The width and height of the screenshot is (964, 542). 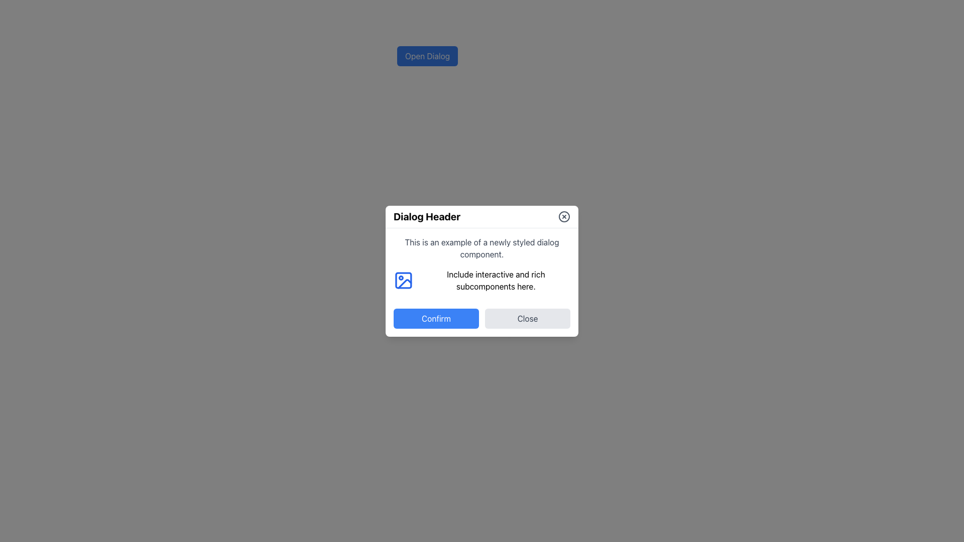 What do you see at coordinates (427, 216) in the screenshot?
I see `the text label that serves as the title or header of the dialog box, positioned at the center-top of the dialog box` at bounding box center [427, 216].